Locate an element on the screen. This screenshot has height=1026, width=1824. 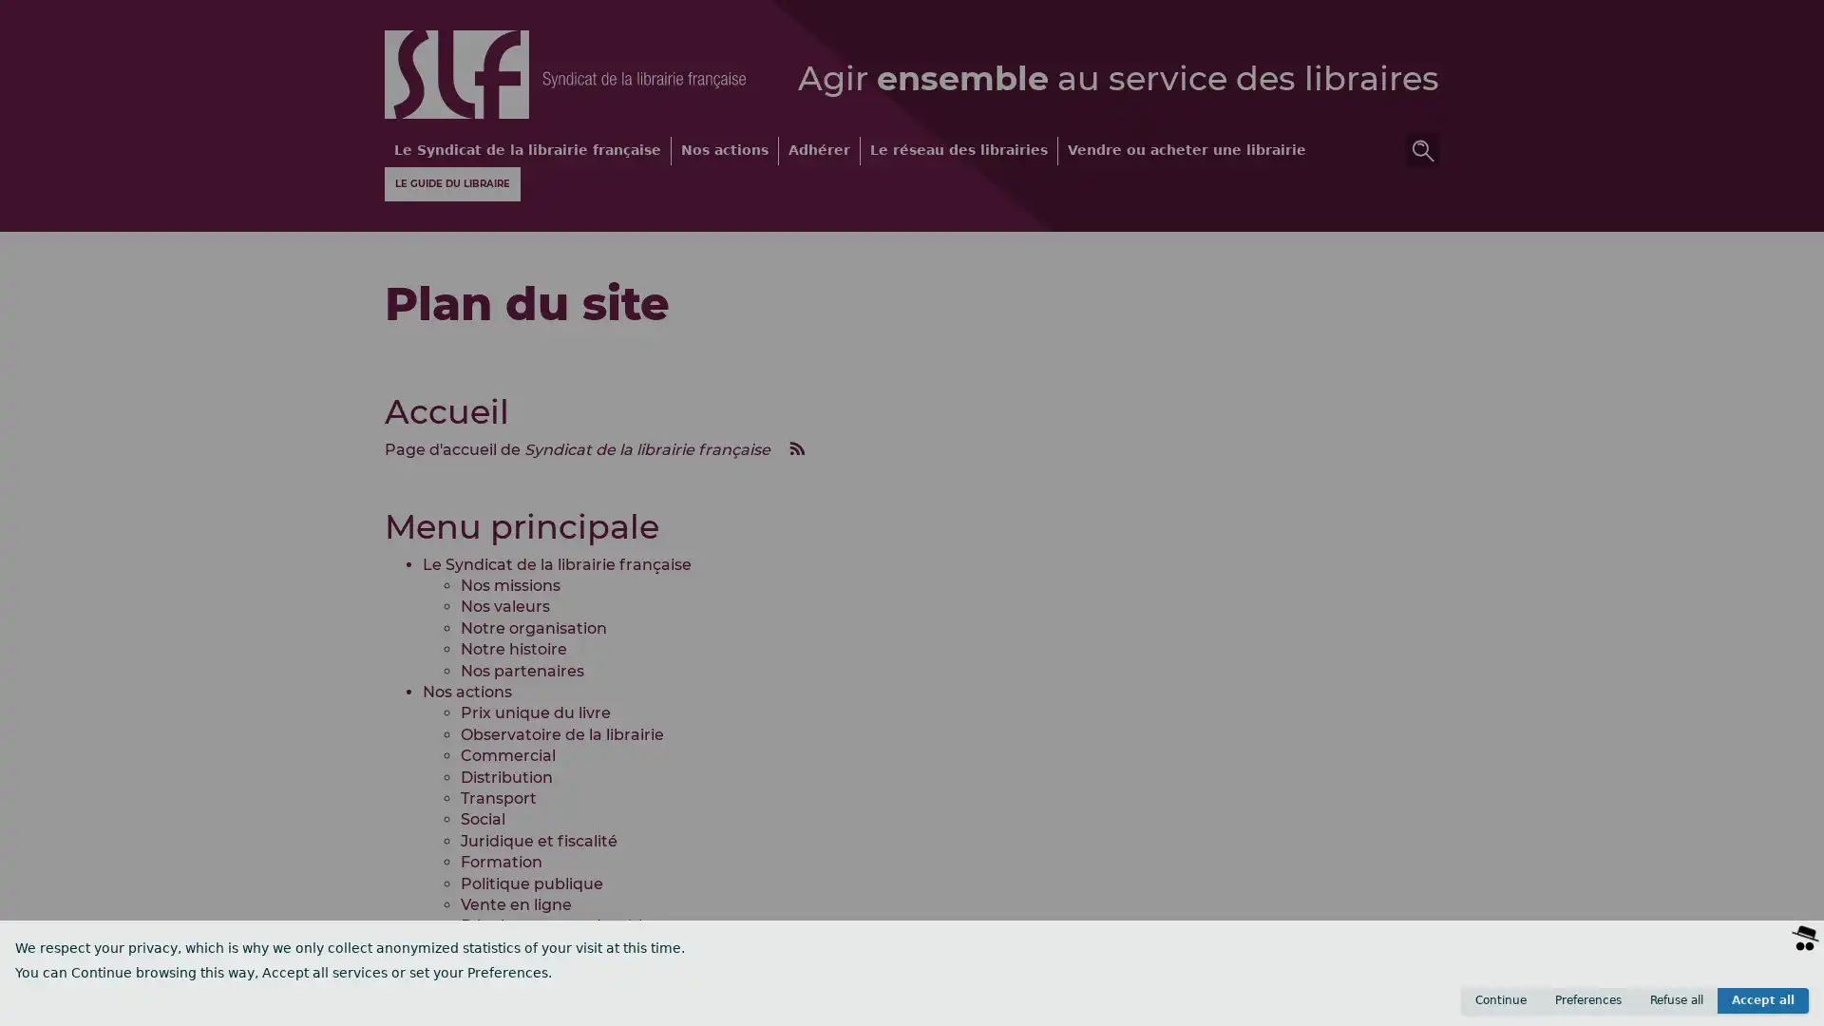
Refuse all is located at coordinates (1677, 999).